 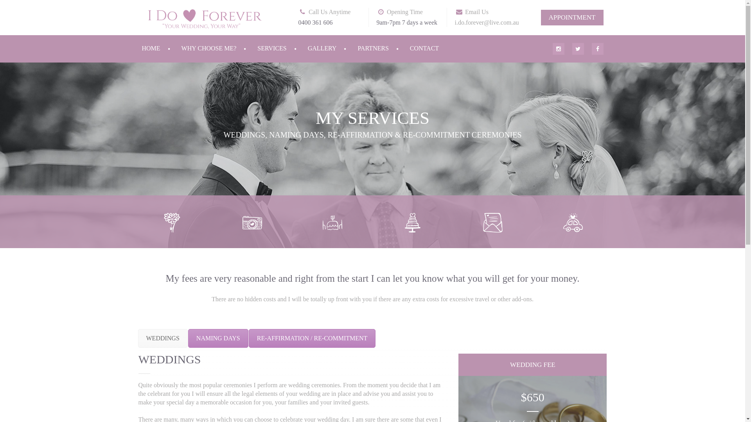 I want to click on 'RE-AFFIRMATION / RE-COMMITMENT', so click(x=312, y=338).